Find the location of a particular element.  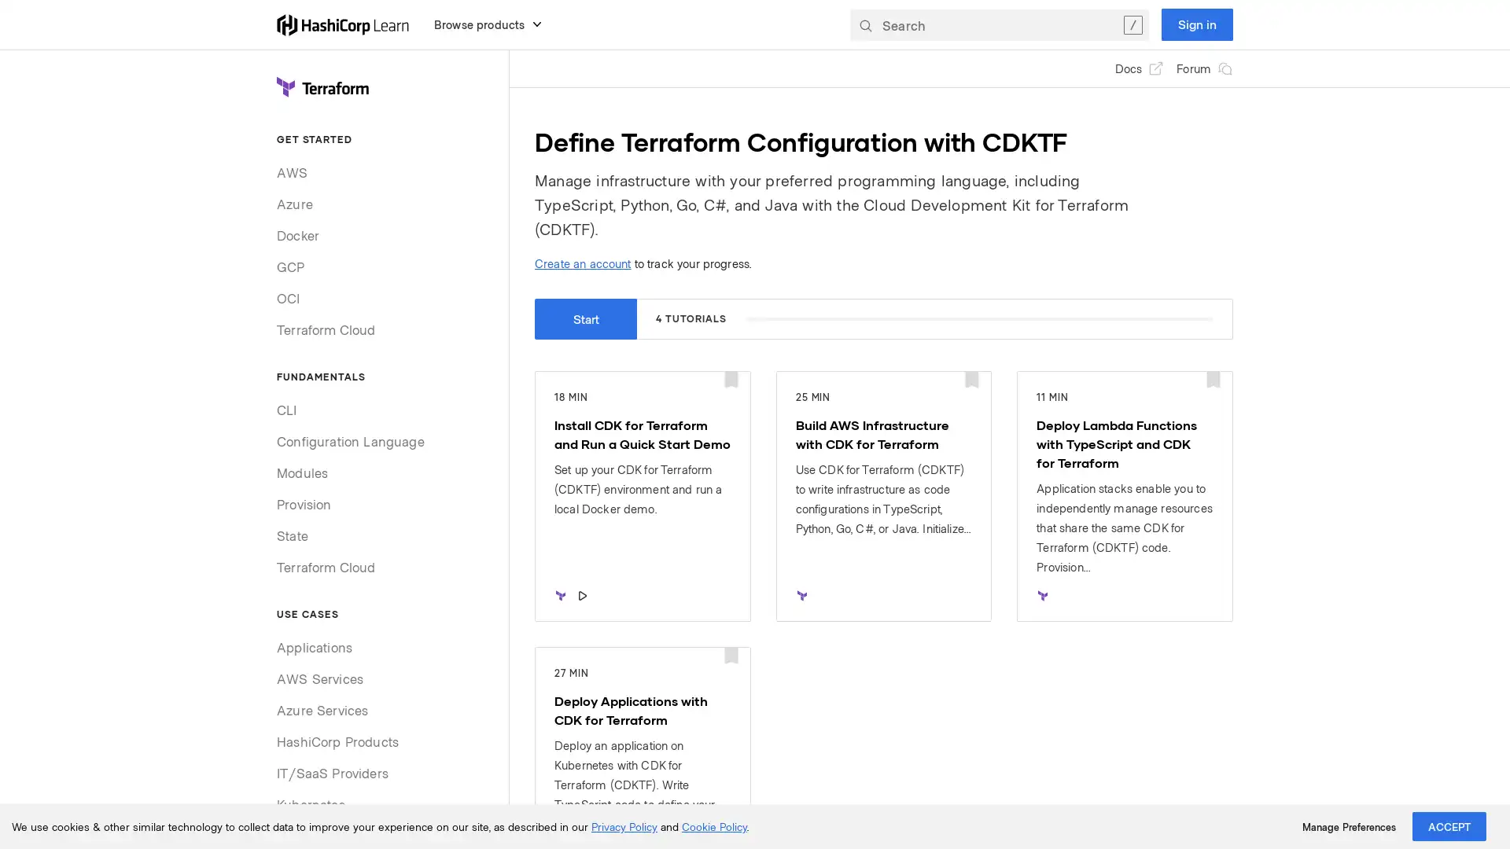

Add bookmark for: Deploy Applications with CDK for Terraform is located at coordinates (730, 656).